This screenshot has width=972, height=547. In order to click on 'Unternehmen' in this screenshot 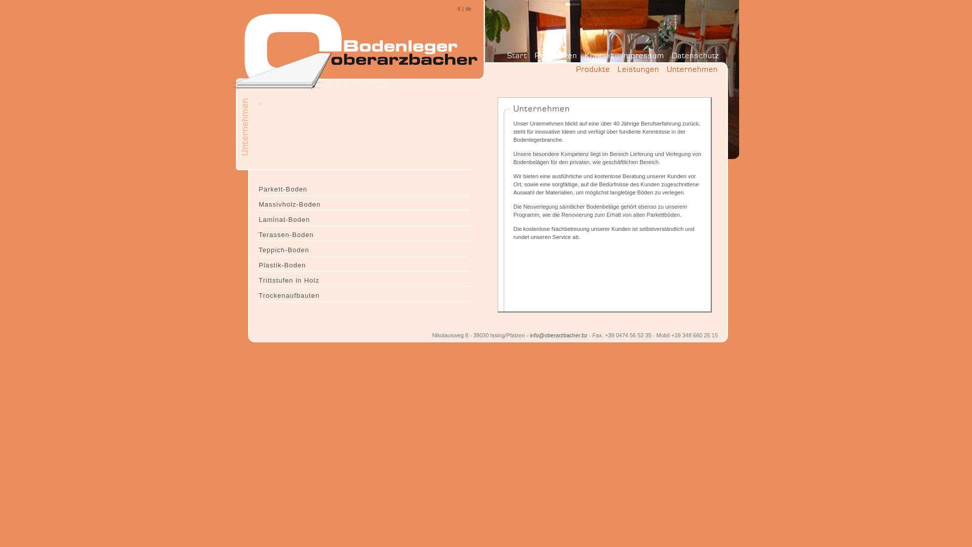, I will do `click(692, 71)`.